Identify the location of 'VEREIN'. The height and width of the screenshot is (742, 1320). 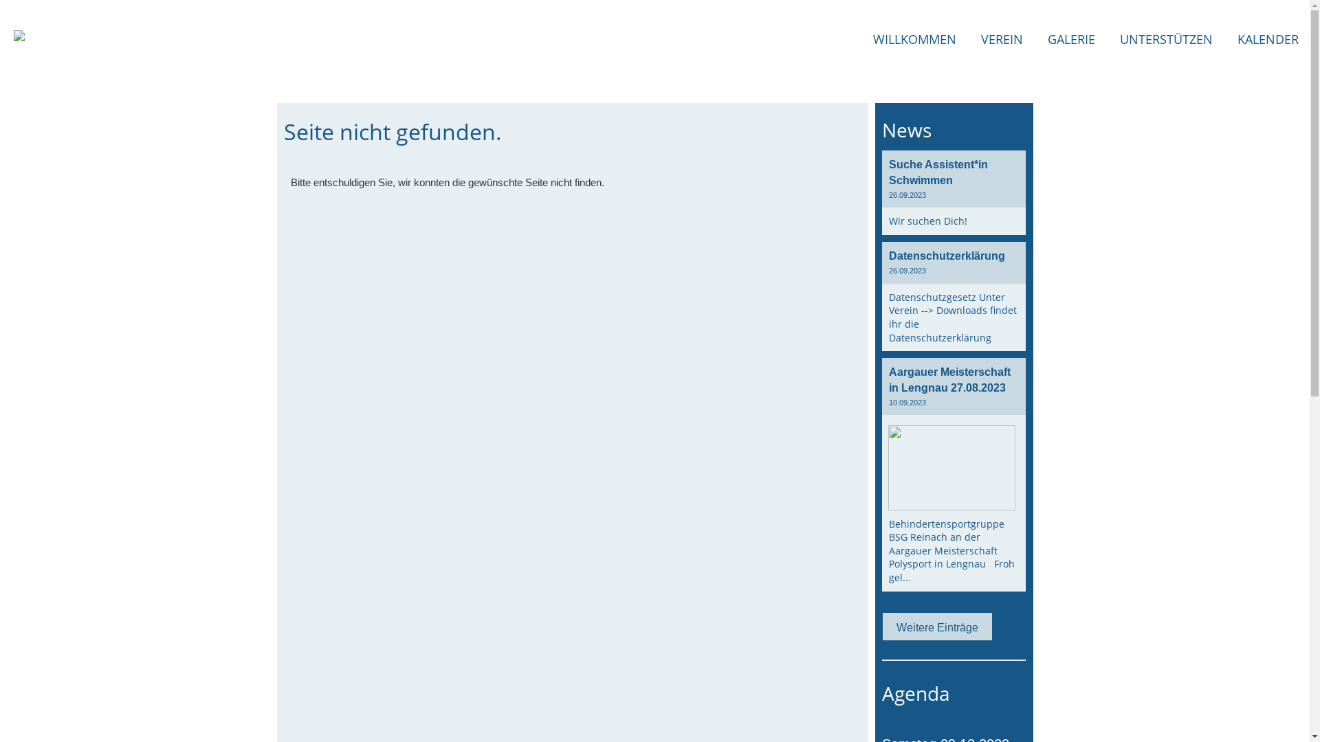
(1002, 38).